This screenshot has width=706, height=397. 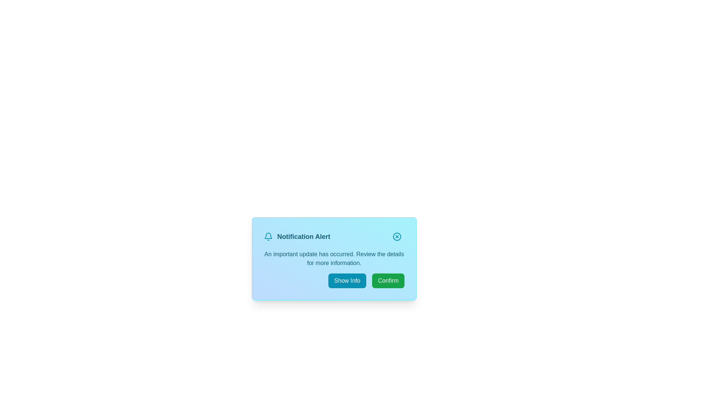 I want to click on the 'Confirm' button to acknowledge the notification, so click(x=388, y=280).